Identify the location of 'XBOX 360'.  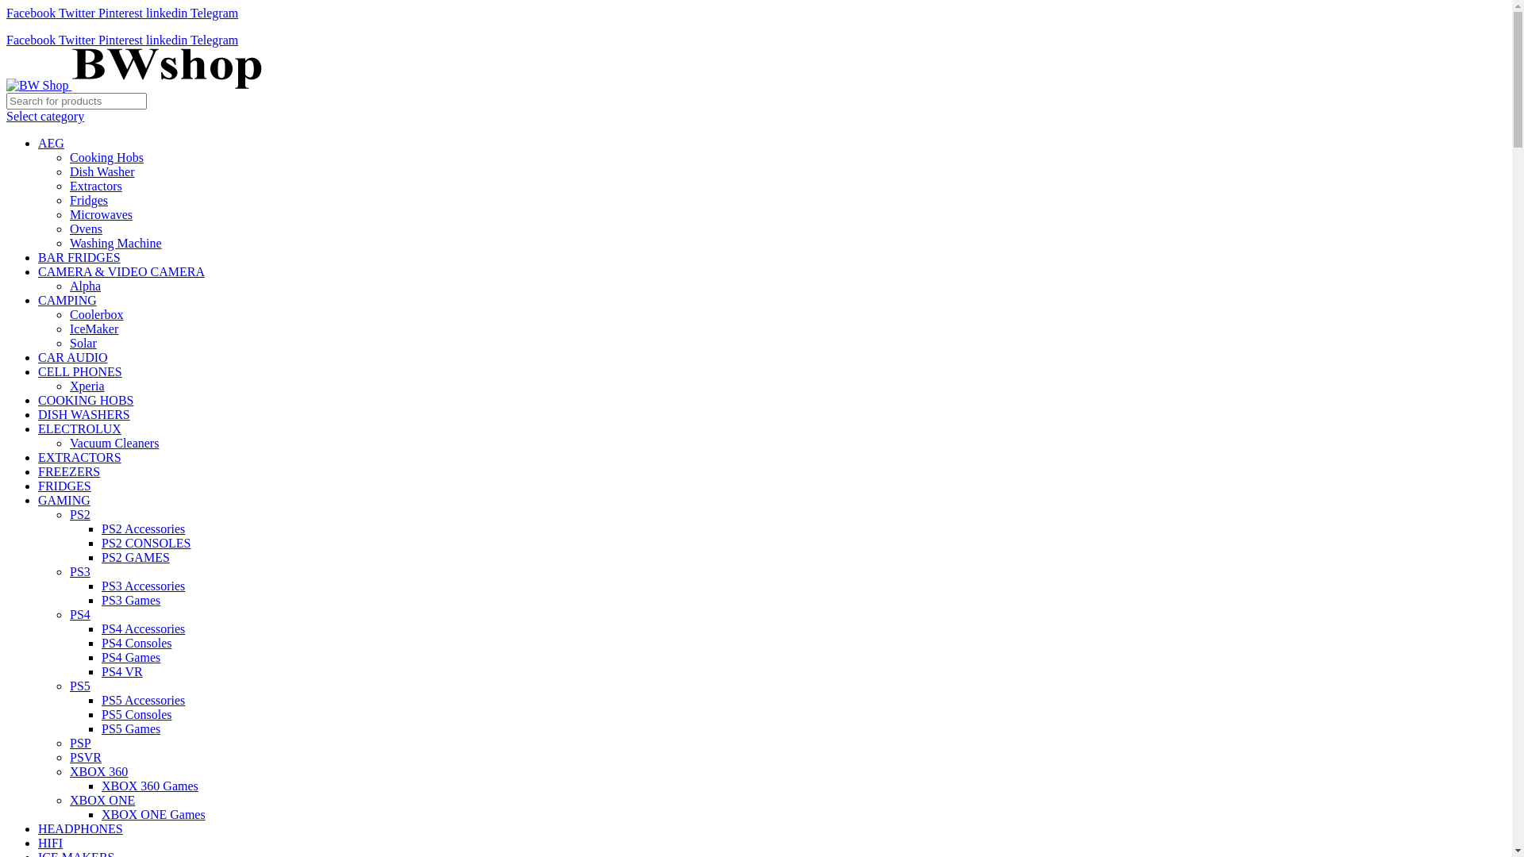
(68, 771).